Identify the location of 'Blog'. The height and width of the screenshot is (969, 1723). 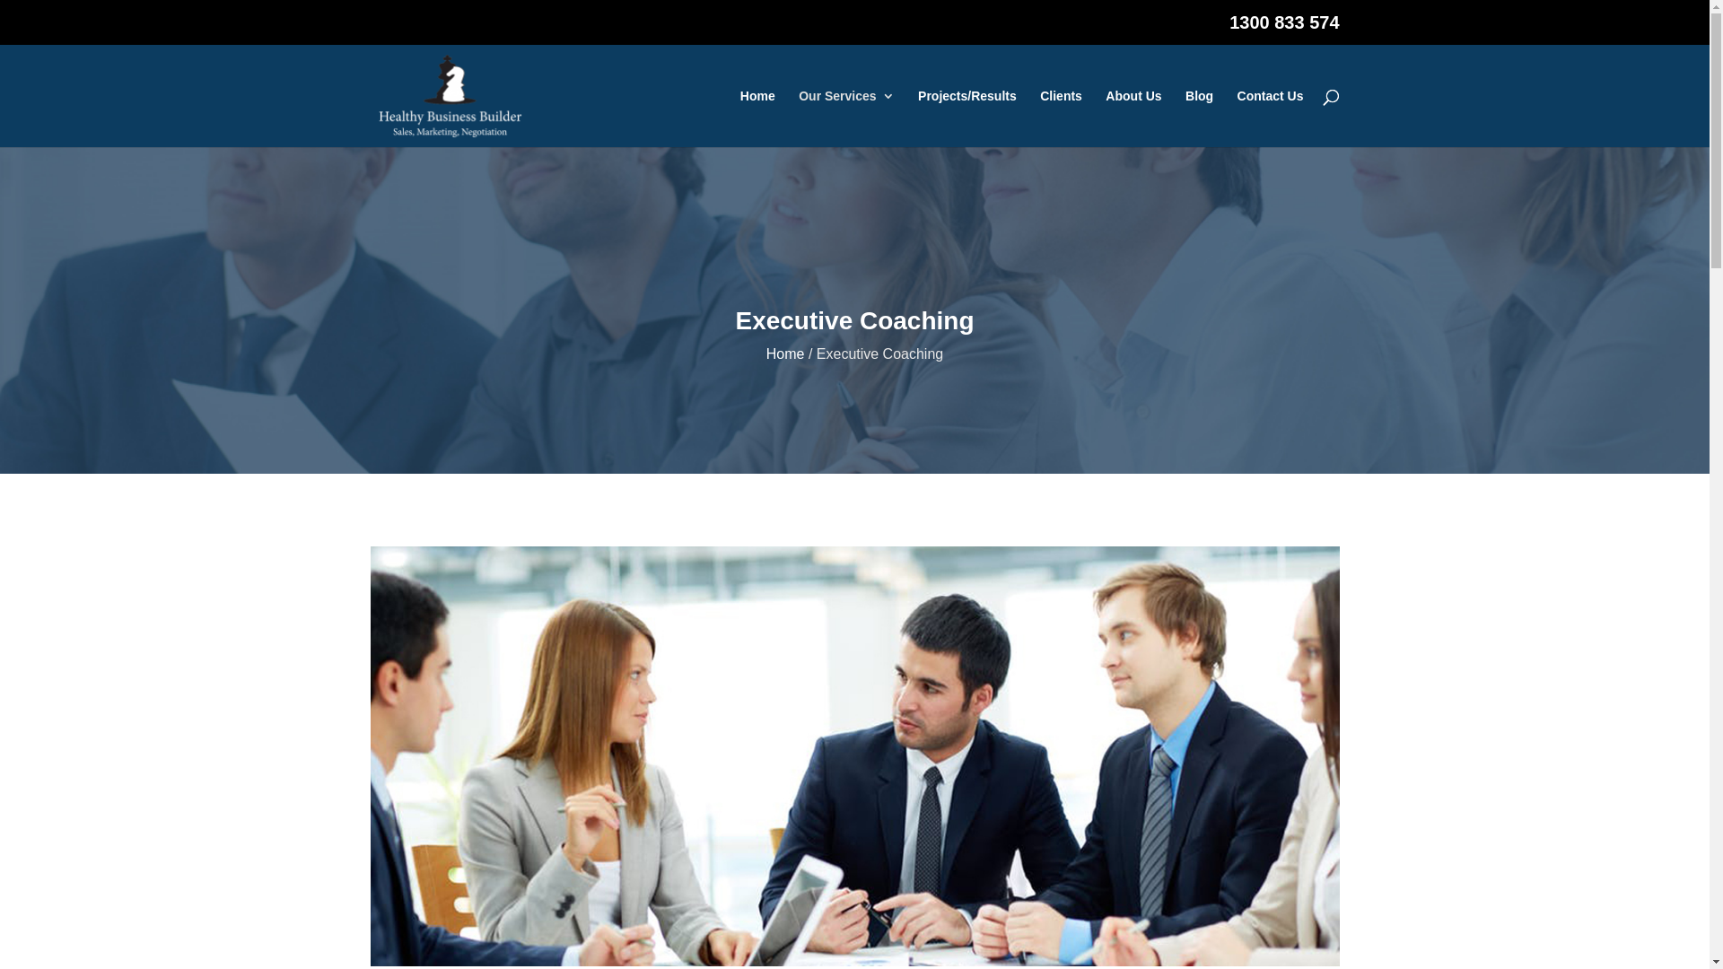
(1199, 118).